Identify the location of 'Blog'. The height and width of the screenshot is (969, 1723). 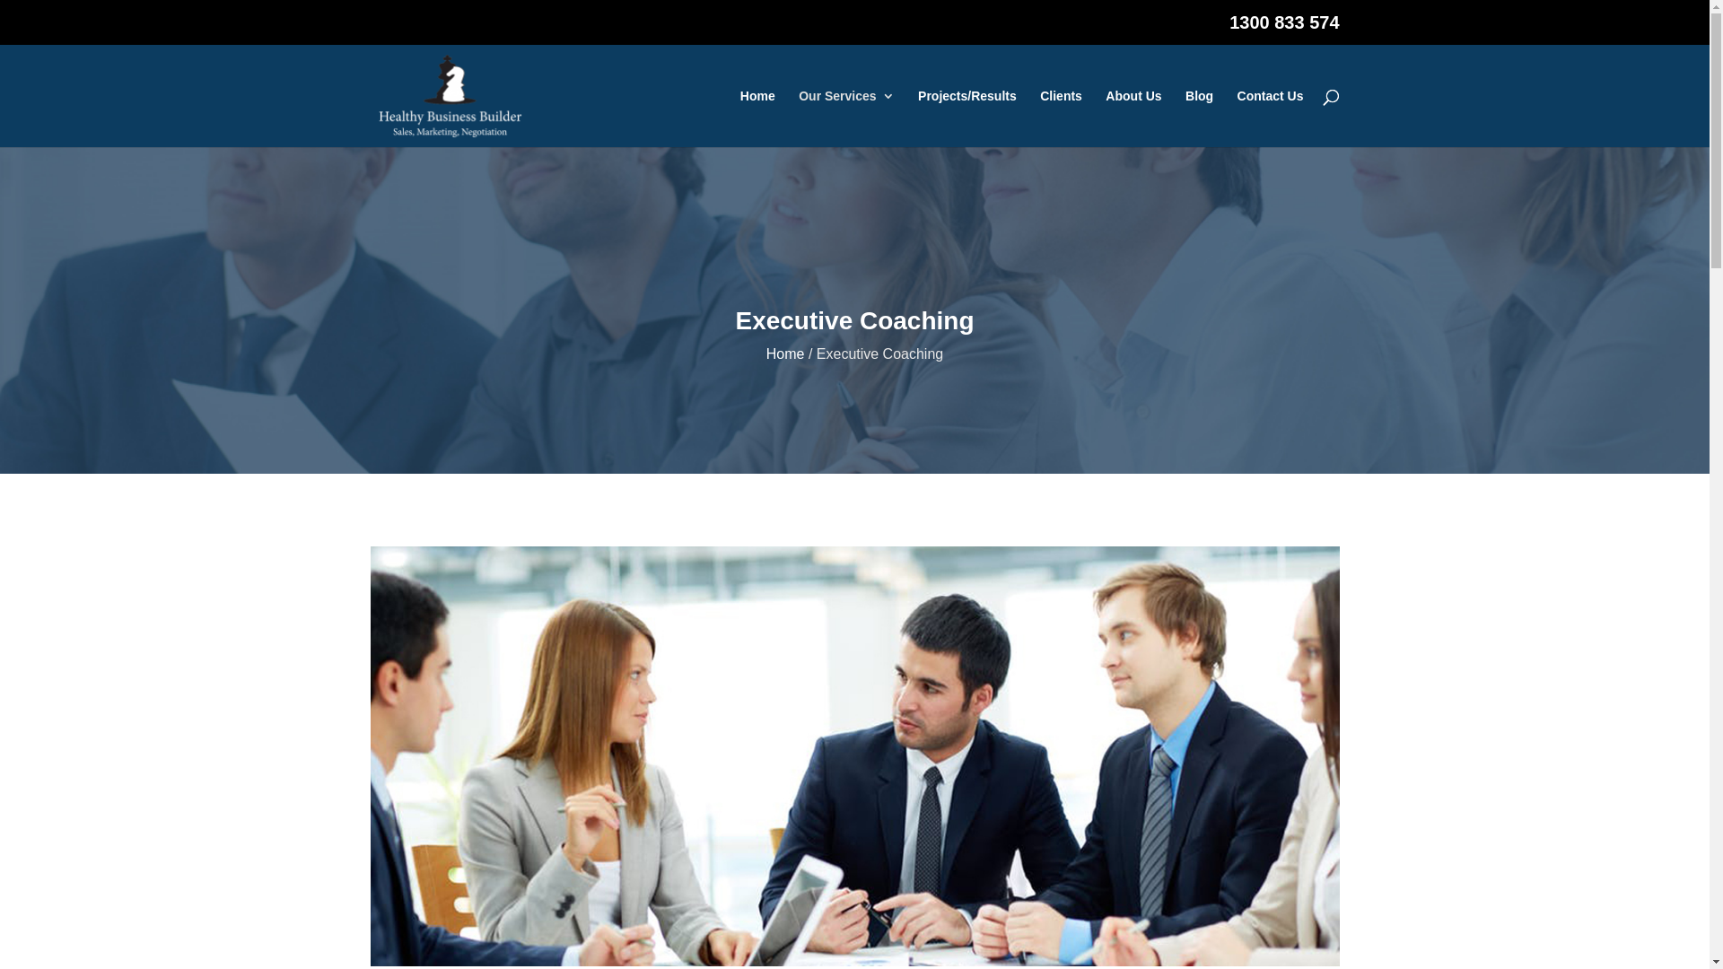
(1199, 118).